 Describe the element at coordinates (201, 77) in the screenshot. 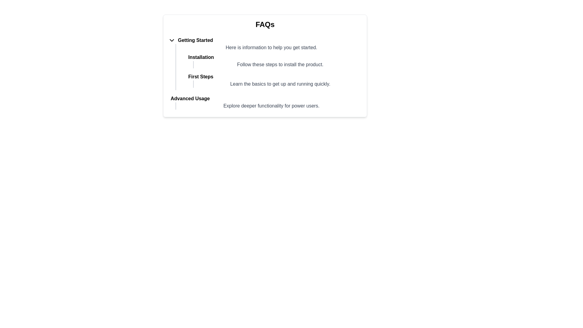

I see `the bold text label displaying 'First Steps'` at that location.